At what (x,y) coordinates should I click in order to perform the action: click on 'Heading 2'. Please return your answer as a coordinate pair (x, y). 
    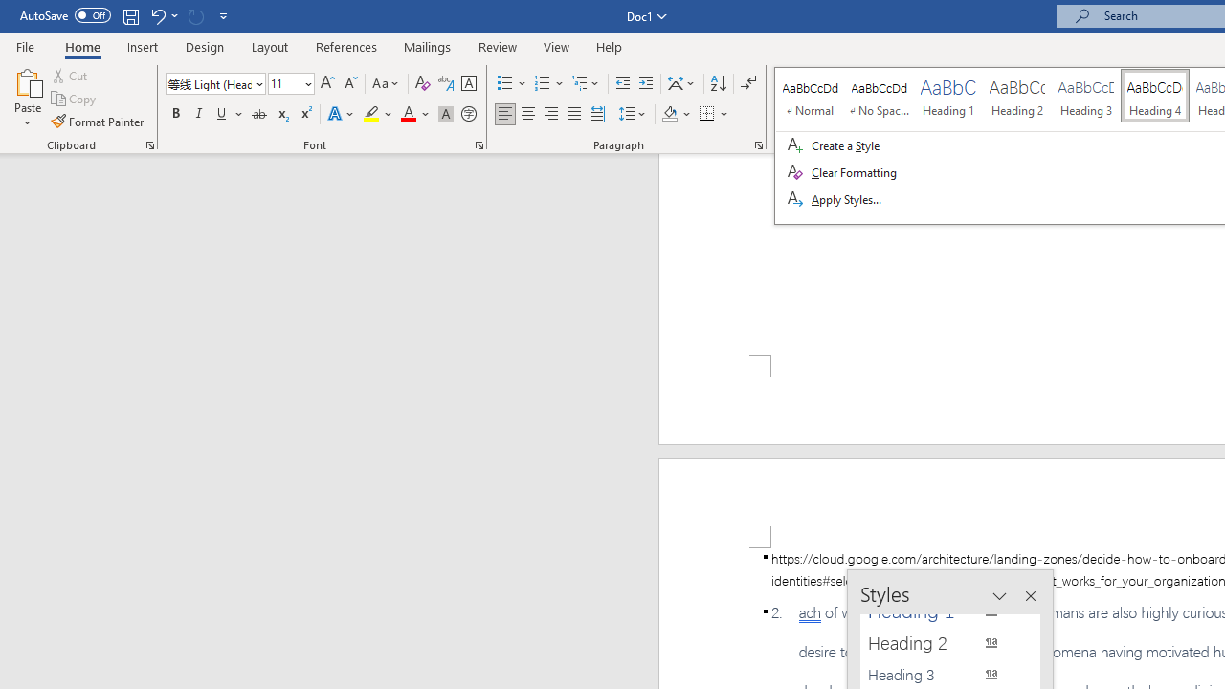
    Looking at the image, I should click on (942, 643).